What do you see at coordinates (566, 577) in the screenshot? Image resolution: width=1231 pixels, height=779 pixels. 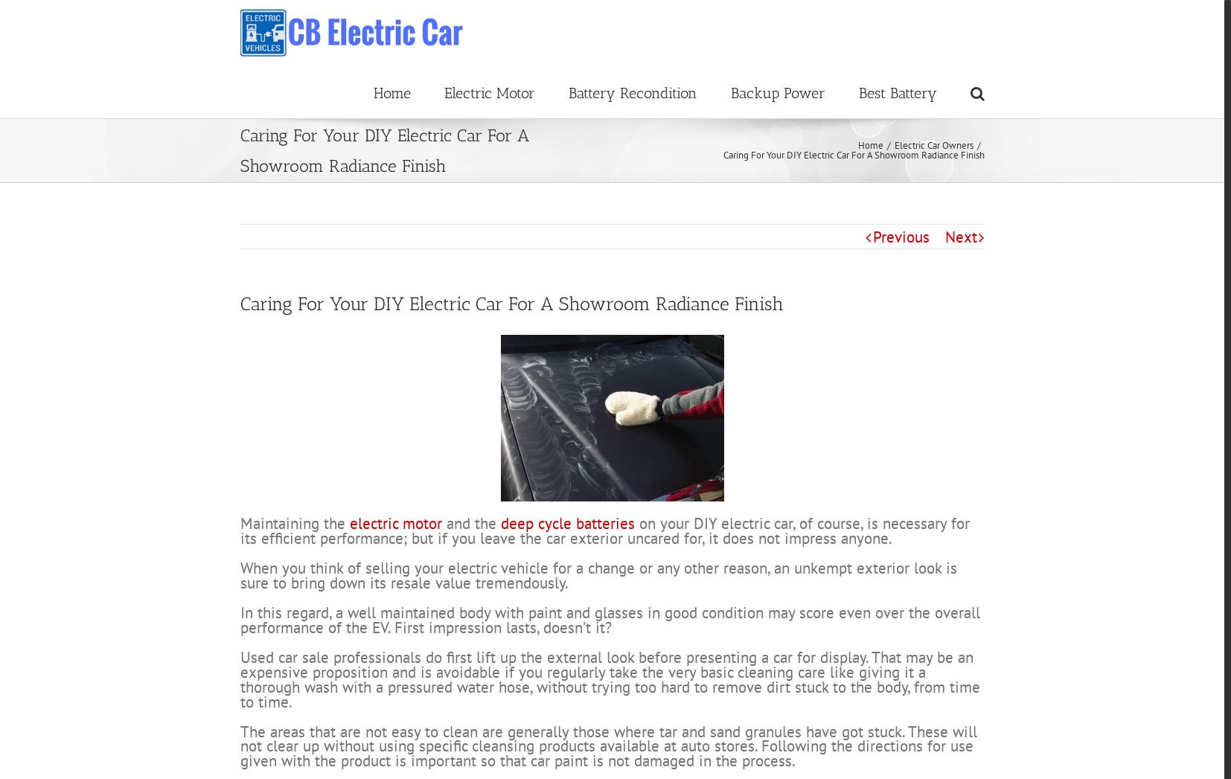 I see `'deep cycle batteries'` at bounding box center [566, 577].